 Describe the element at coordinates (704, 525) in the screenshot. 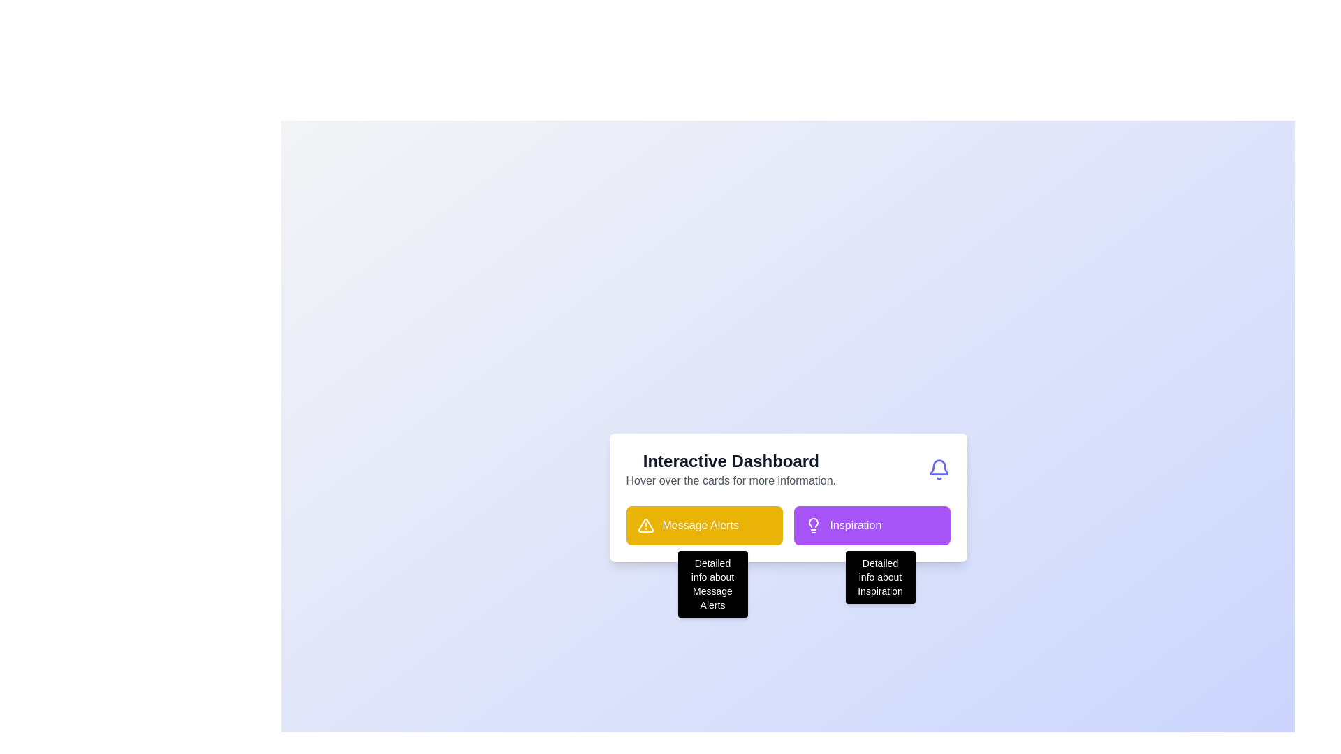

I see `the 'Message Alerts' button, which is a rectangular button with a bright yellow background and a triangular warning icon on the left, located below the 'Interactive Dashboard' title` at that location.